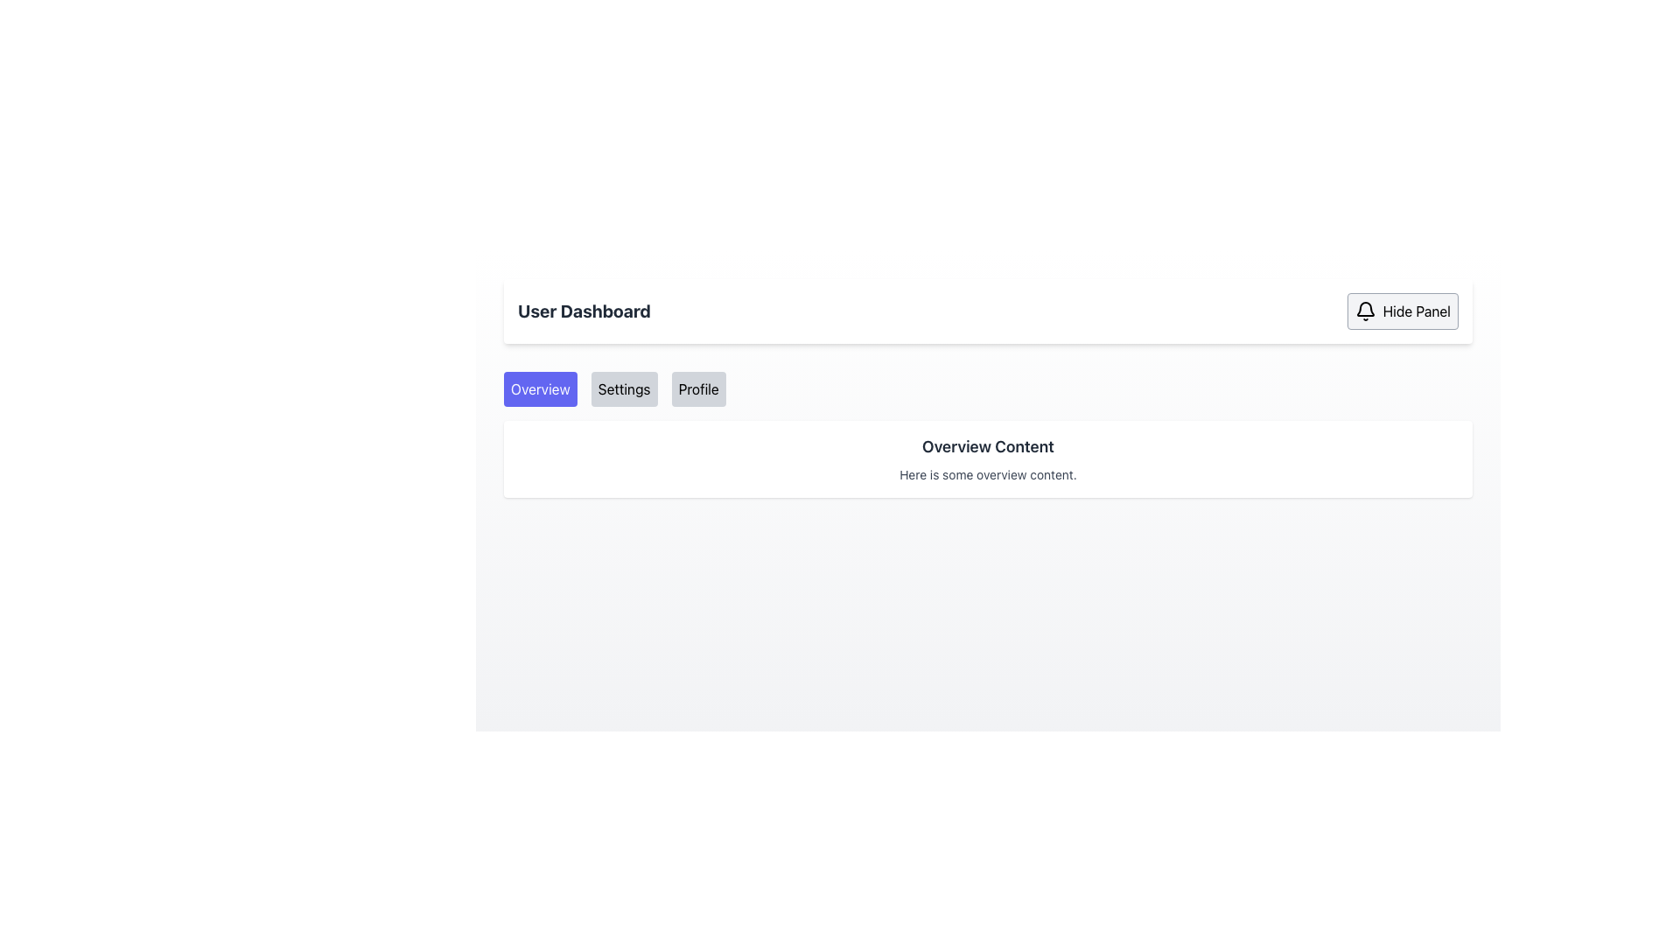 This screenshot has width=1680, height=945. I want to click on the bell icon located on the leftmost side of the 'Hide Panel' button in the top-right corner of the interface to indicate notifications or alerts, so click(1364, 310).